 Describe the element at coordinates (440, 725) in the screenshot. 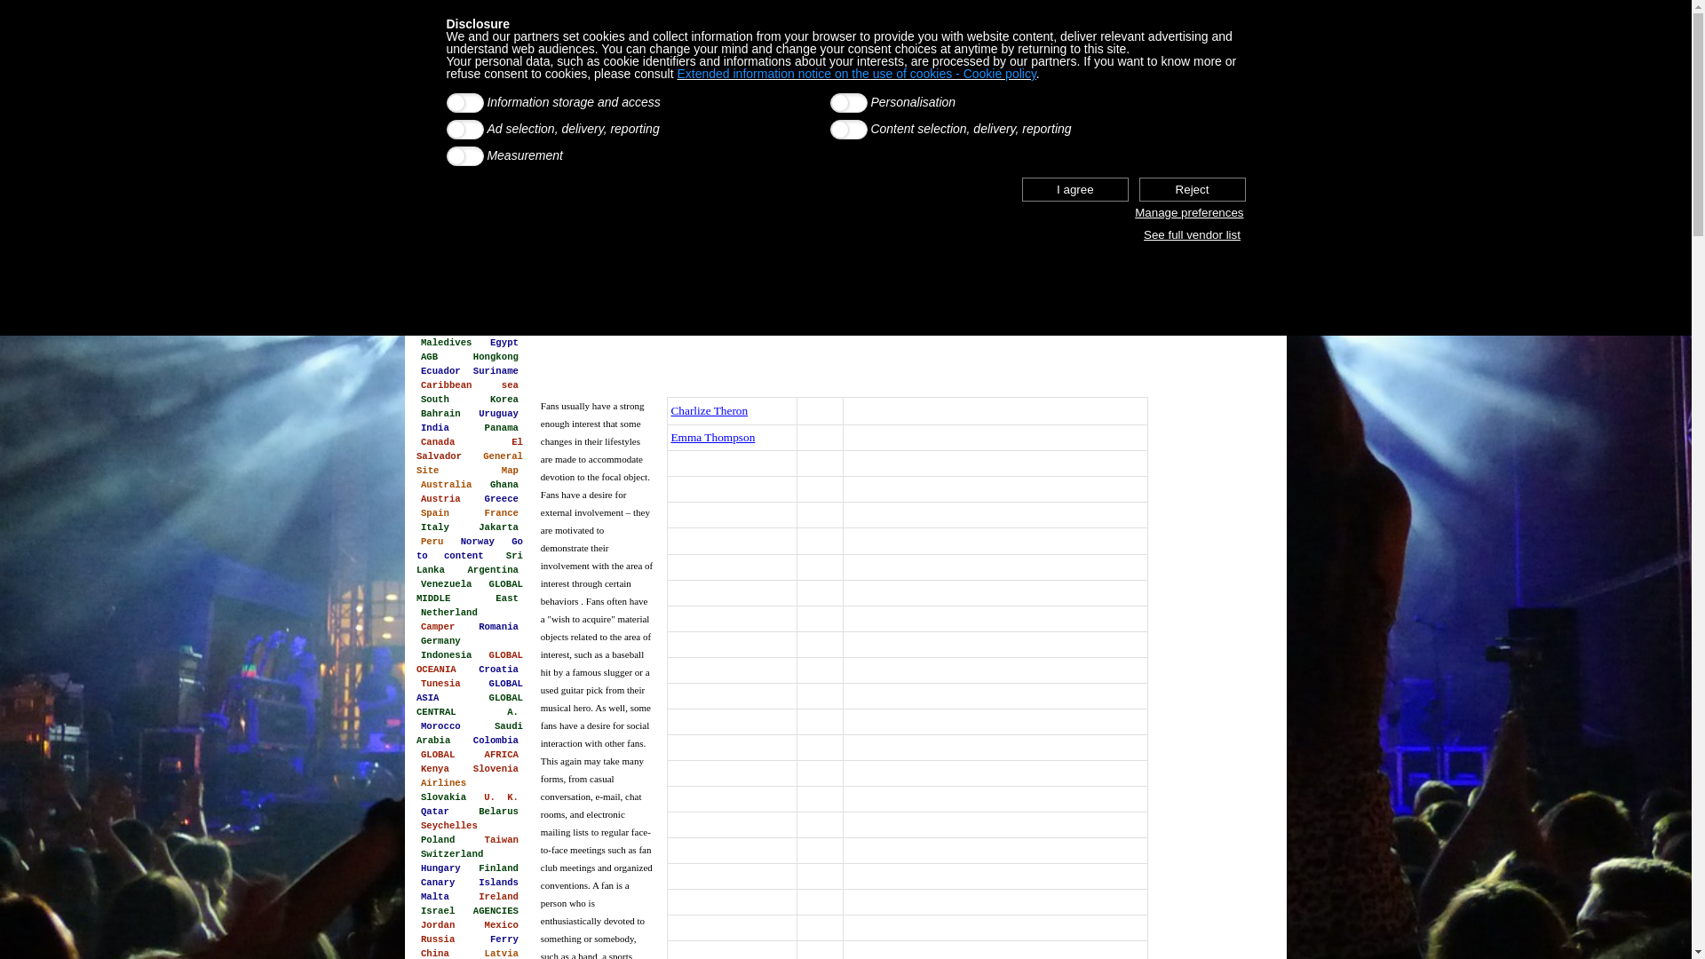

I see `'Morocco'` at that location.